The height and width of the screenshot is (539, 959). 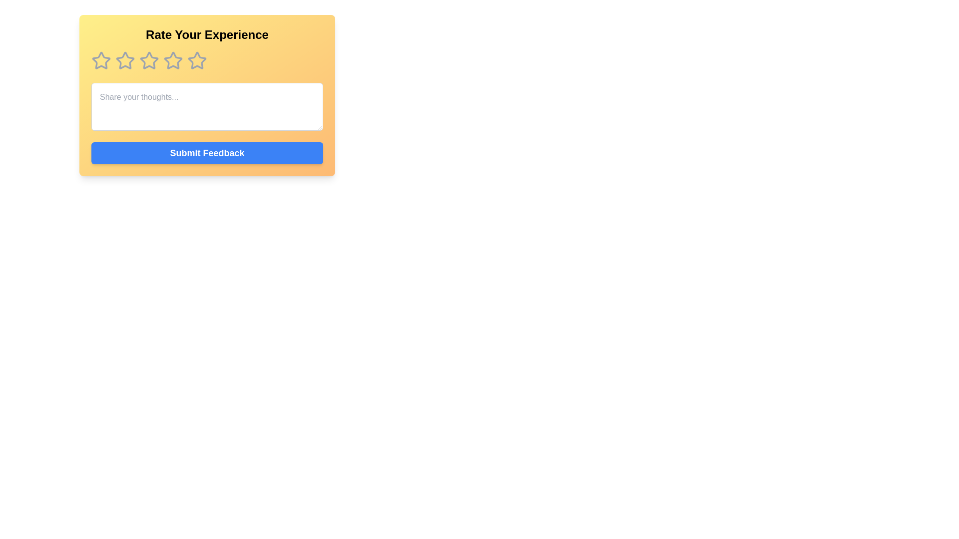 I want to click on the prominent blue 'Submit Feedback' button located at the bottom of the central section of the interface, so click(x=206, y=153).